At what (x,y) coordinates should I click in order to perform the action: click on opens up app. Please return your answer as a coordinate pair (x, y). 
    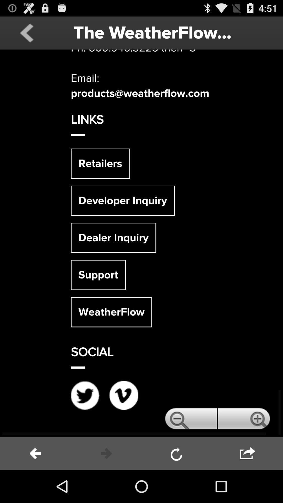
    Looking at the image, I should click on (141, 243).